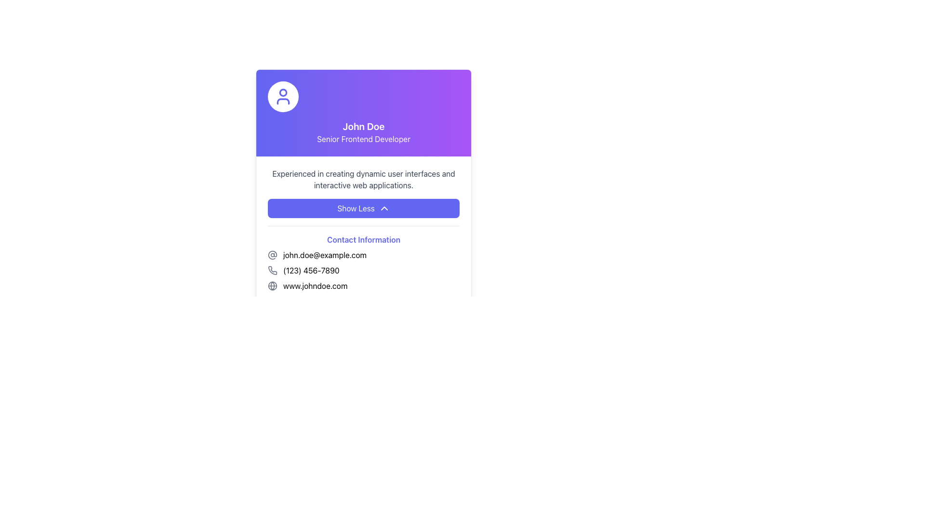 The width and height of the screenshot is (925, 520). What do you see at coordinates (363, 180) in the screenshot?
I see `the static text block that contains the description 'Experienced in creating dynamic user interfaces and interactive web applications.' It is positioned centrally in a card layout, below the title 'Senior Frontend Developer' and above the button labeled 'Show Less.'` at bounding box center [363, 180].